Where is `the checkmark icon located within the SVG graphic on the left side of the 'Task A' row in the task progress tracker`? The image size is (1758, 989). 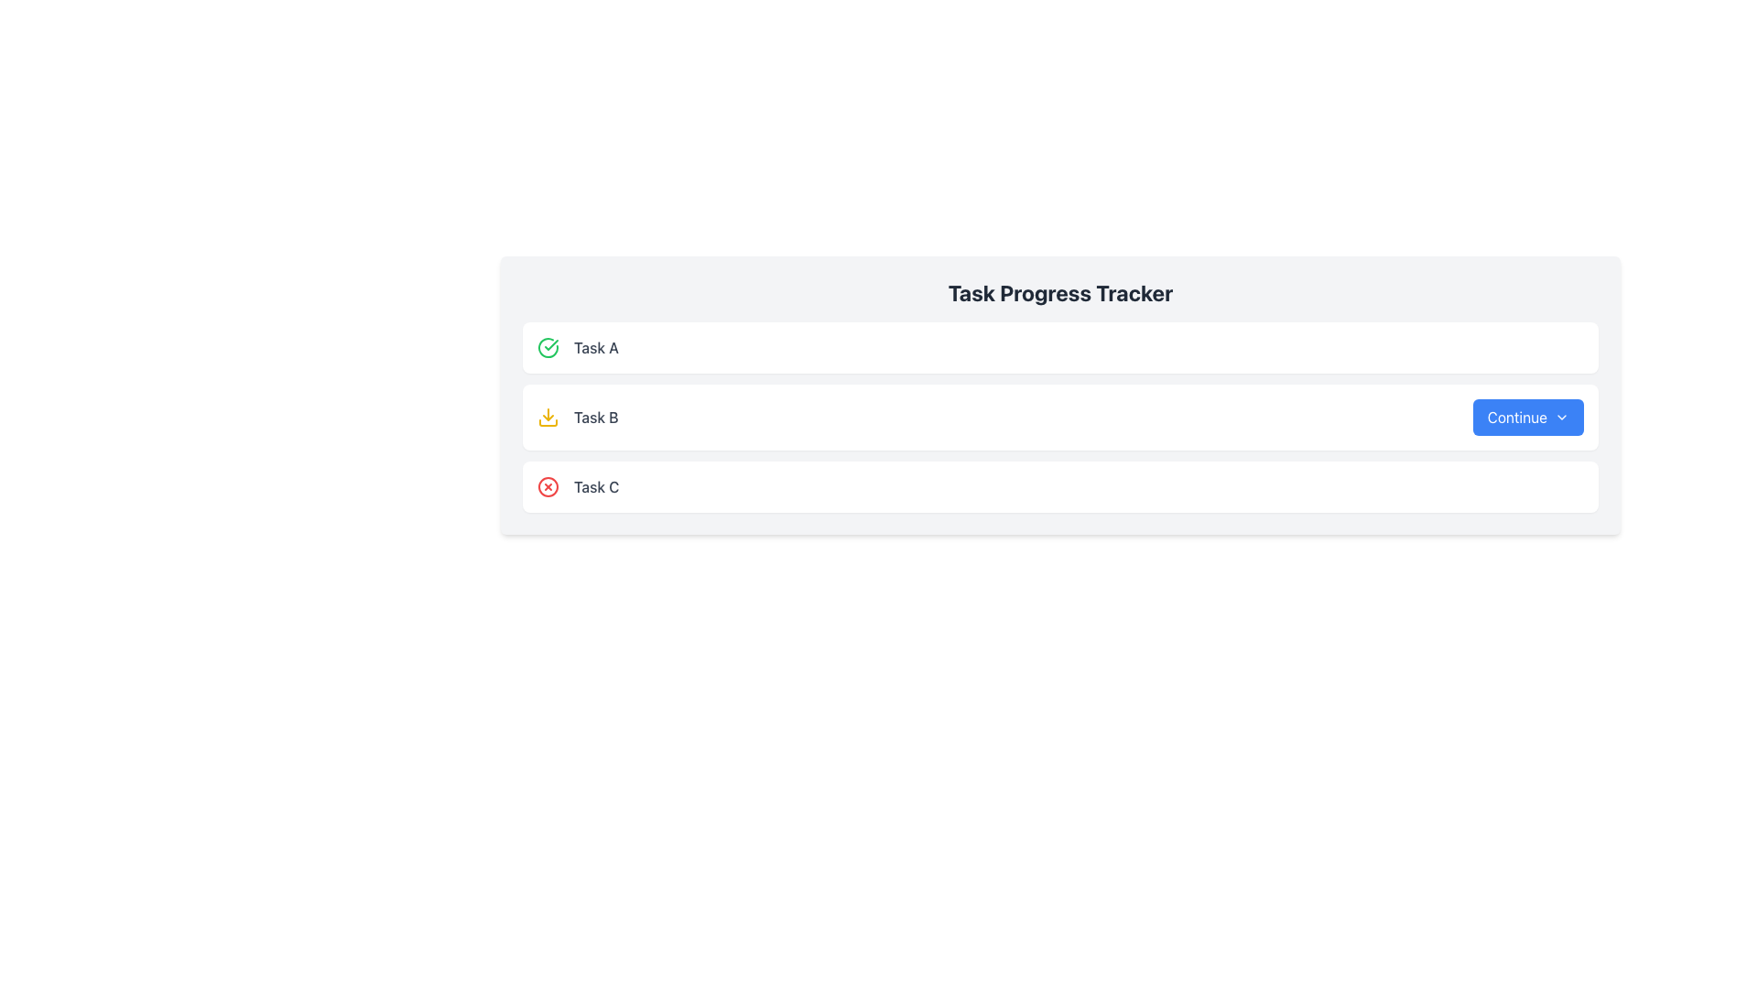 the checkmark icon located within the SVG graphic on the left side of the 'Task A' row in the task progress tracker is located at coordinates (550, 345).